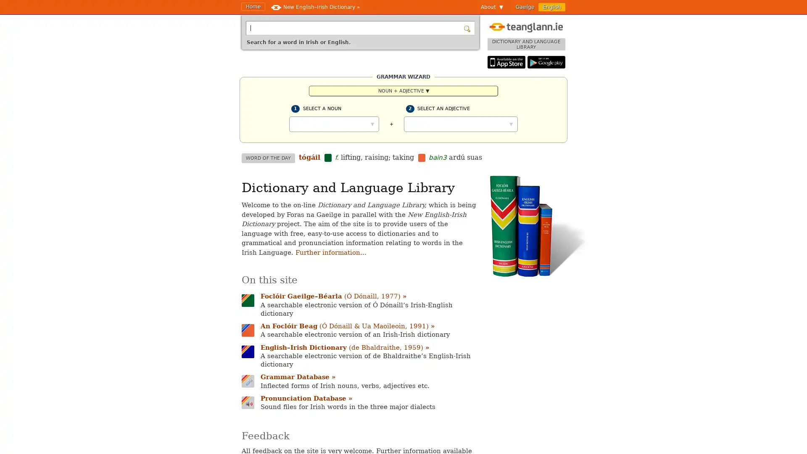  Describe the element at coordinates (467, 27) in the screenshot. I see `Search` at that location.